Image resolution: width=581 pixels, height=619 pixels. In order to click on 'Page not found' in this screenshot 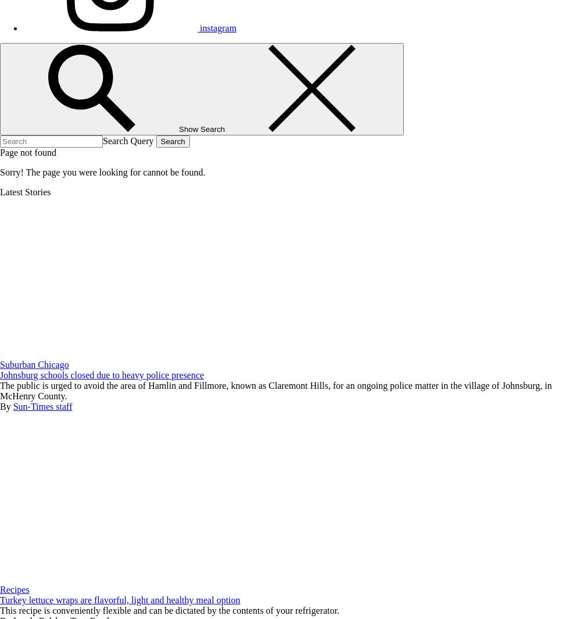, I will do `click(0, 152)`.